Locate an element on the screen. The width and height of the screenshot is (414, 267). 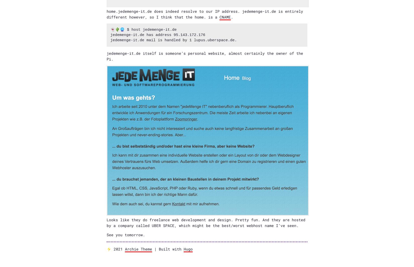
'CNAME' is located at coordinates (225, 16).